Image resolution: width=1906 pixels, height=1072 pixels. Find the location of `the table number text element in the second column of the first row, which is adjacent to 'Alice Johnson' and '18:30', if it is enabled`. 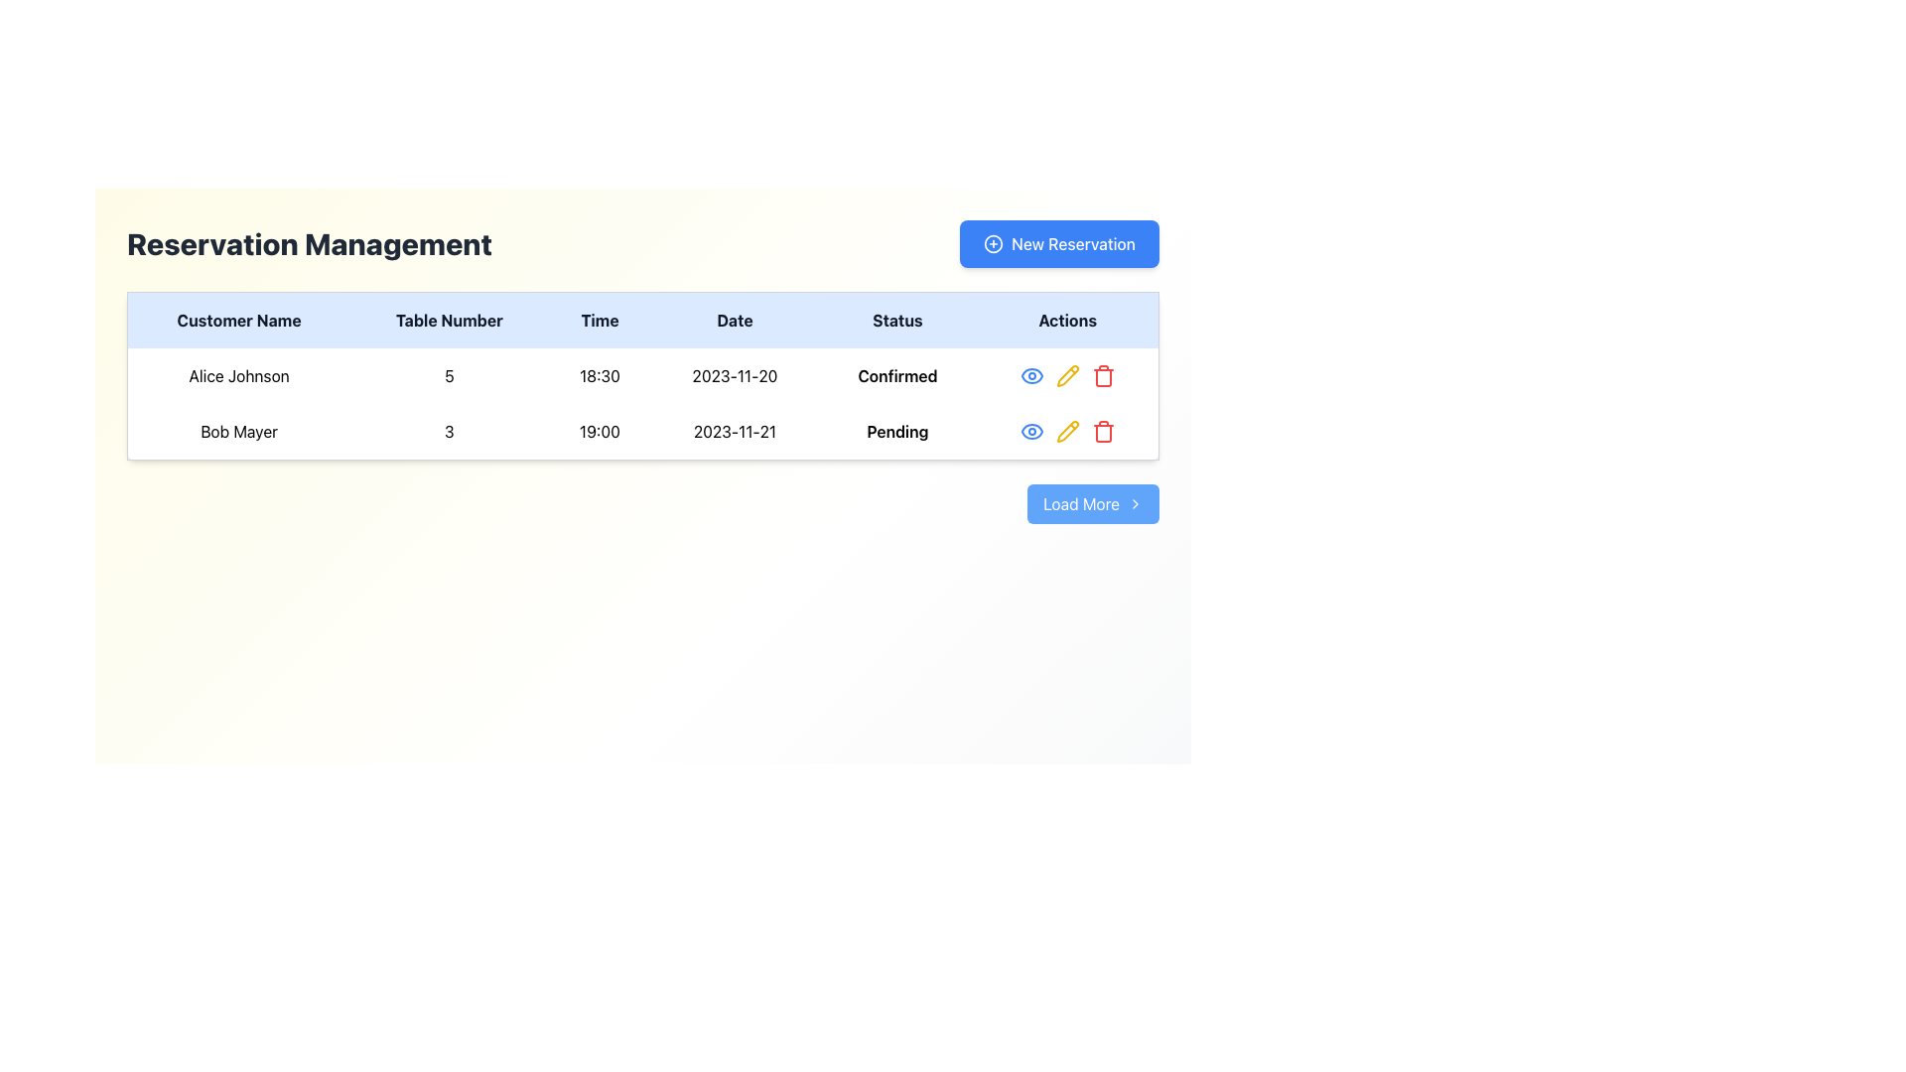

the table number text element in the second column of the first row, which is adjacent to 'Alice Johnson' and '18:30', if it is enabled is located at coordinates (448, 375).